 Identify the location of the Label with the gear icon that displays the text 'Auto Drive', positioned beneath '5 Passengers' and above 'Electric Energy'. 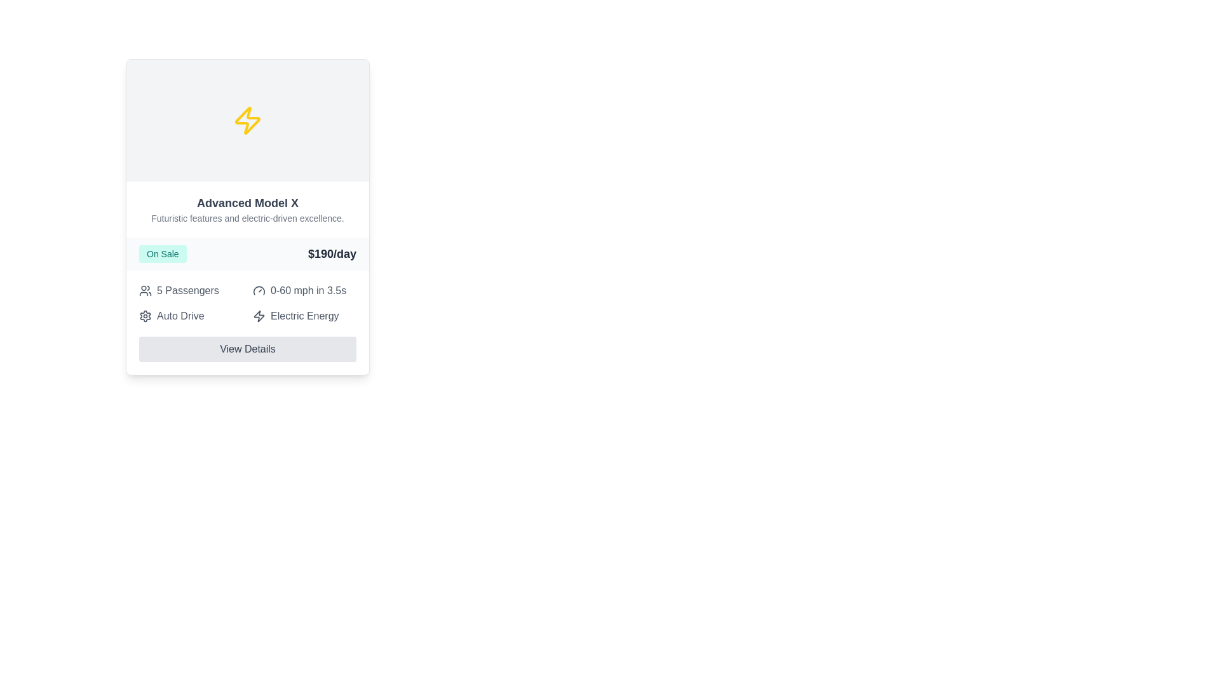
(190, 315).